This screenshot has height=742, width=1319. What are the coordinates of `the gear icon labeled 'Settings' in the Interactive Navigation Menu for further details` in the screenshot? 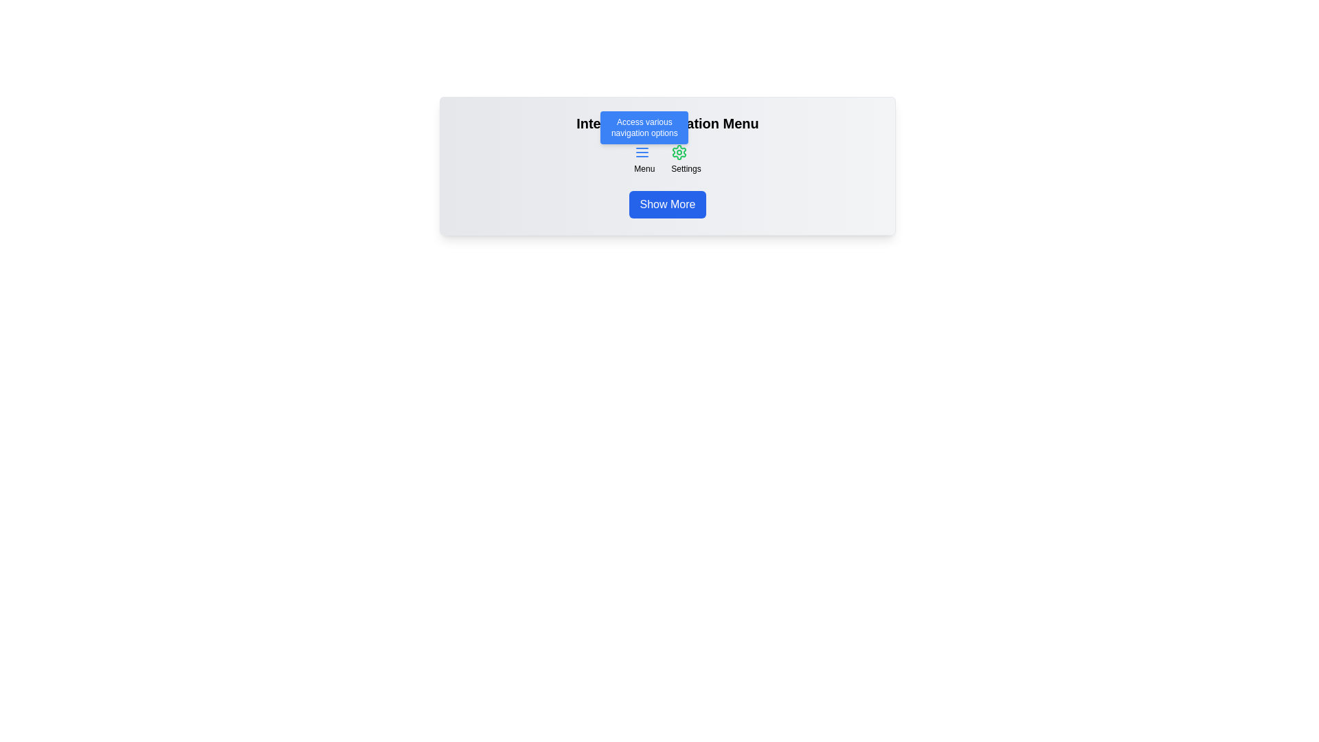 It's located at (667, 158).